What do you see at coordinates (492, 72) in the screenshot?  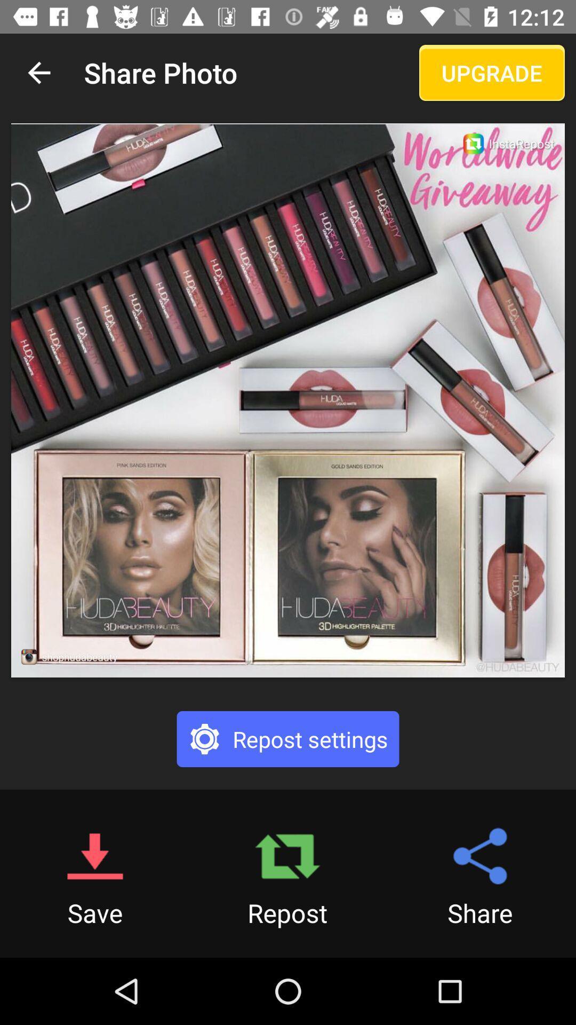 I see `the upgrade at the top right corner` at bounding box center [492, 72].